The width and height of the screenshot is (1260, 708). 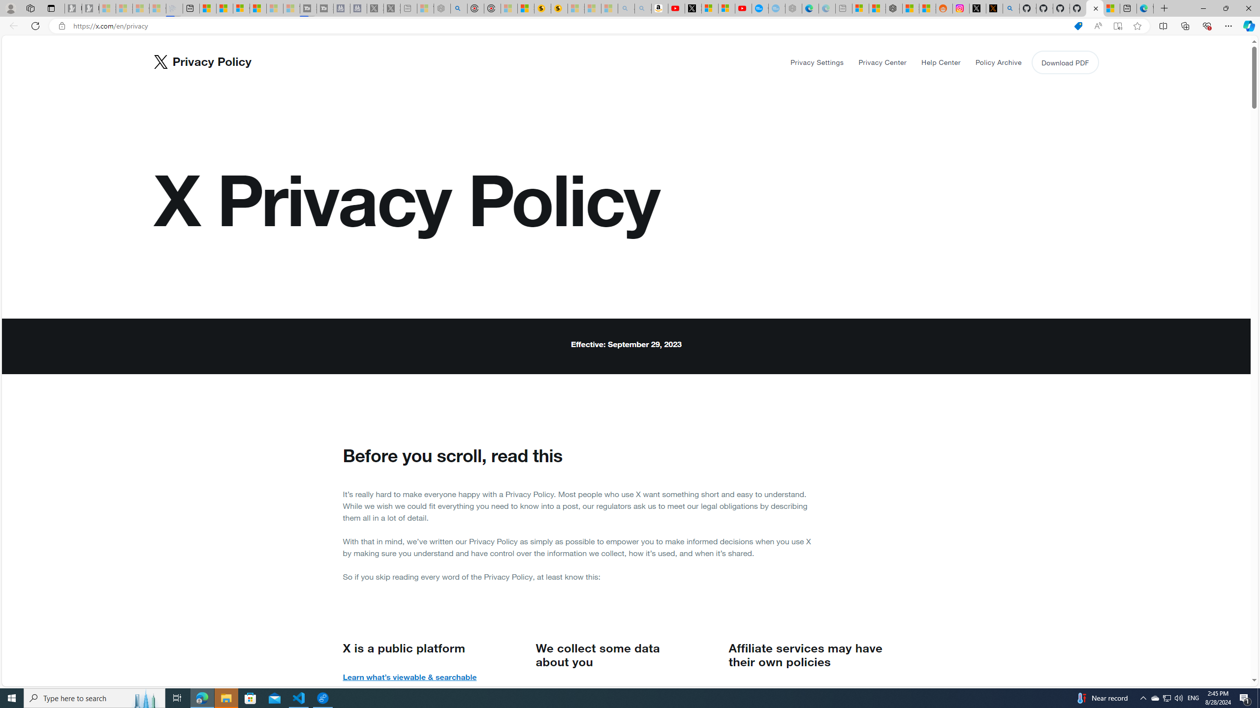 I want to click on 'Help Center', so click(x=941, y=62).